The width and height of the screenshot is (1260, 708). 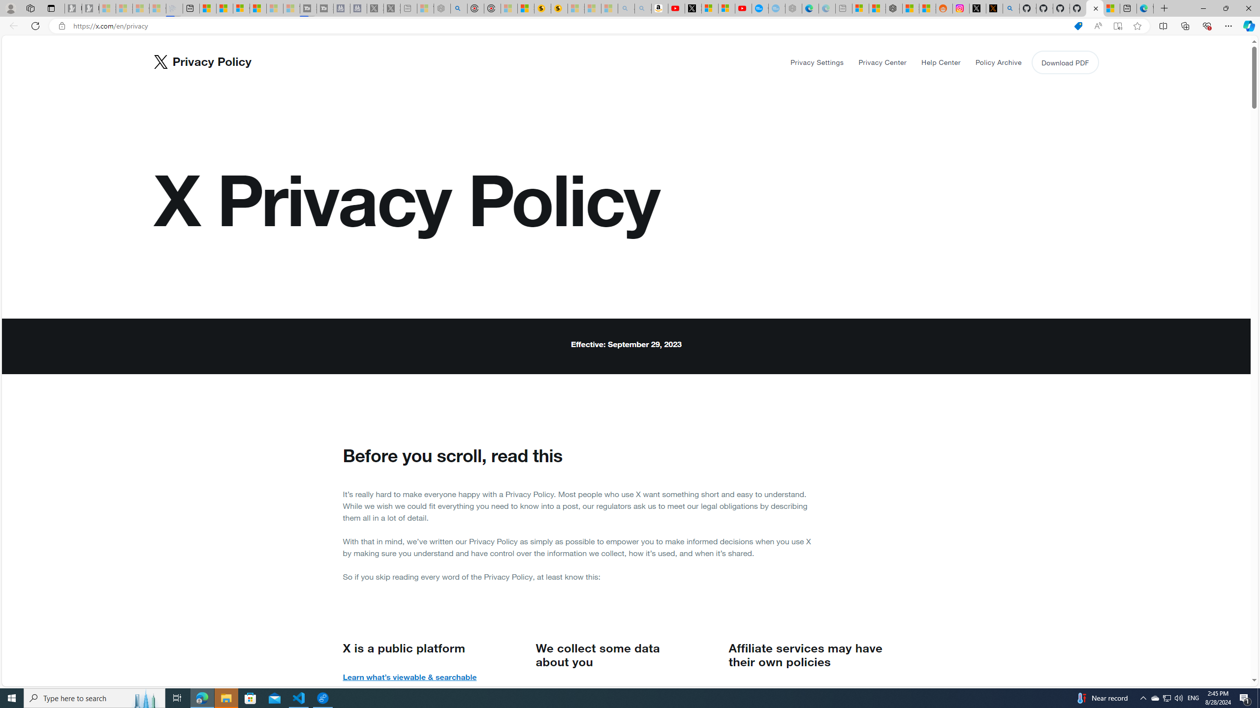 I want to click on 'Help Center', so click(x=941, y=62).